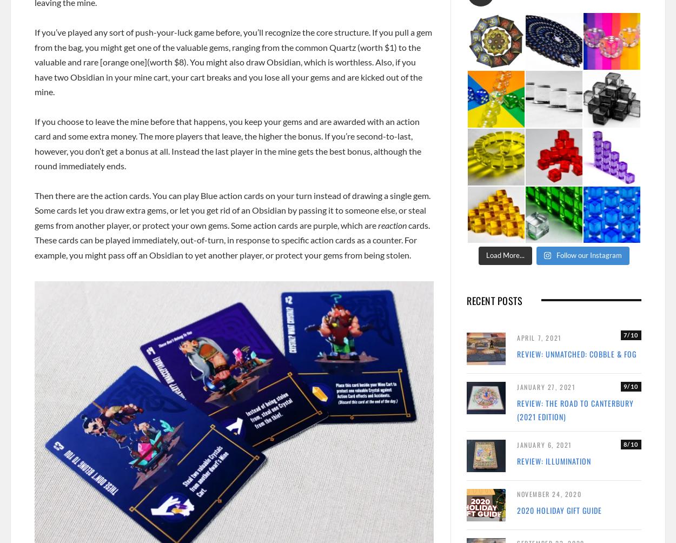  I want to click on '8/10', so click(631, 443).